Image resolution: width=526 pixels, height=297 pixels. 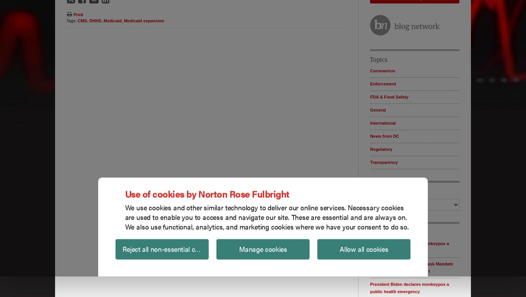 What do you see at coordinates (379, 59) in the screenshot?
I see `'Topics'` at bounding box center [379, 59].